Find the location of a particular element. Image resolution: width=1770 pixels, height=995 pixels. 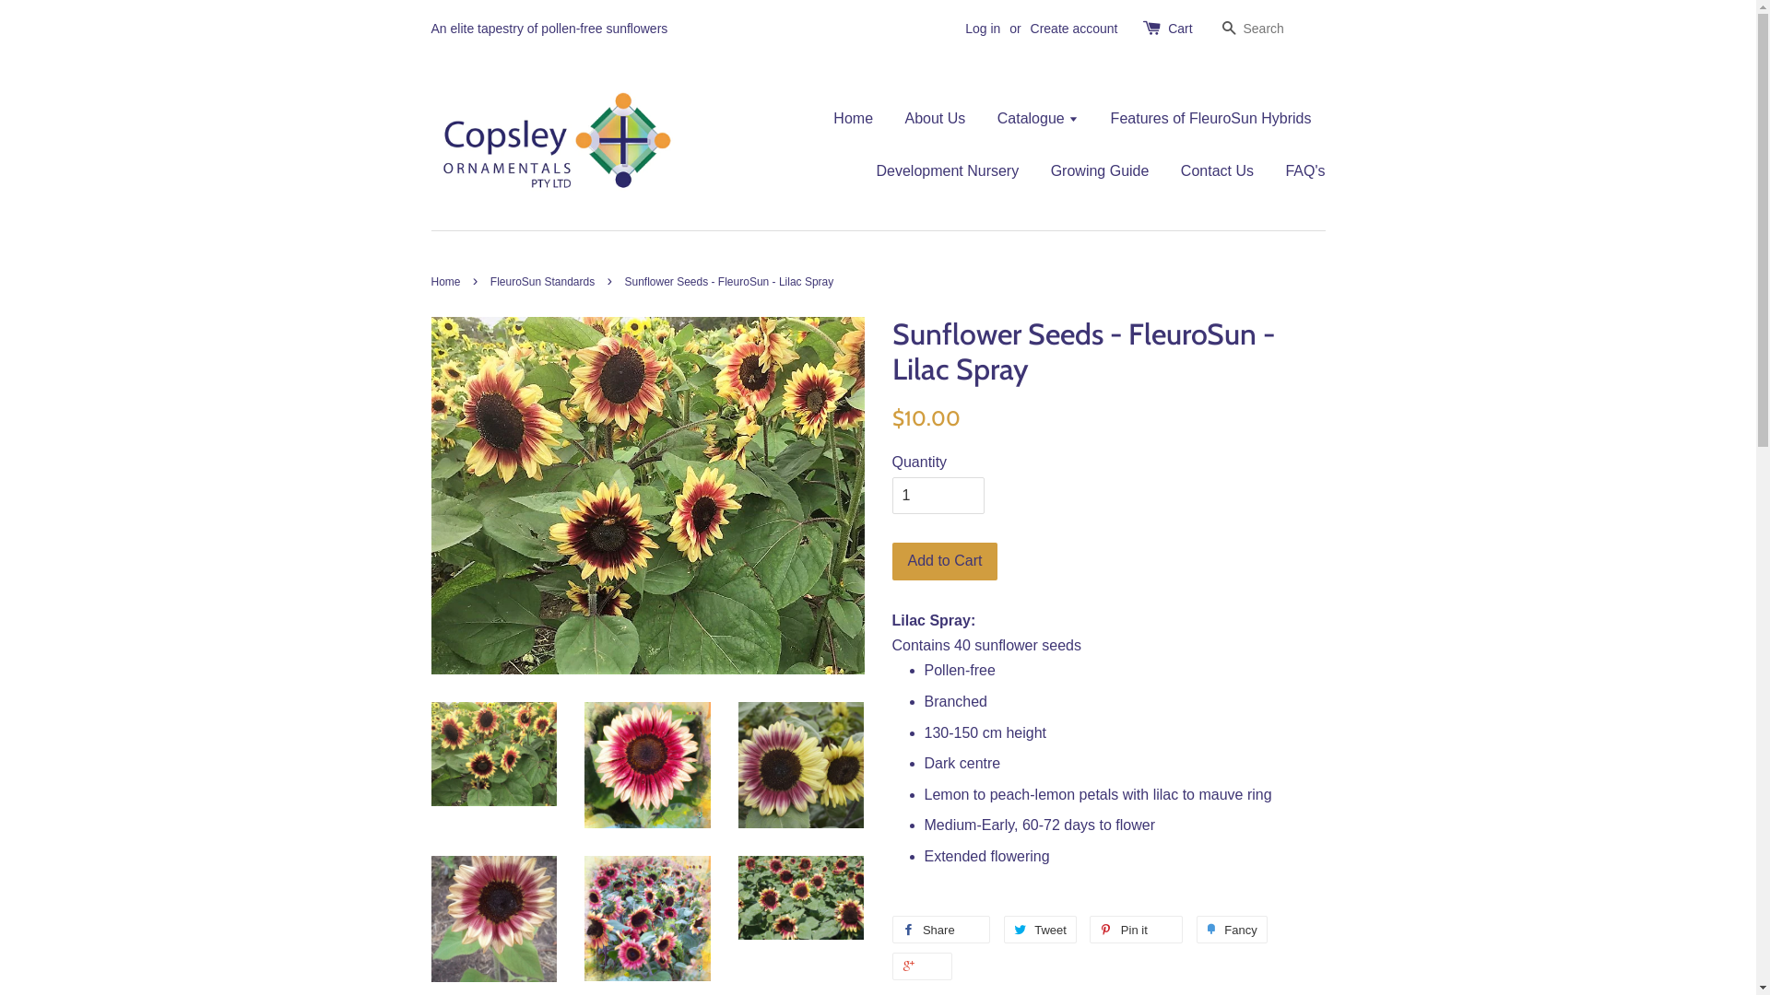

'Share' is located at coordinates (941, 930).